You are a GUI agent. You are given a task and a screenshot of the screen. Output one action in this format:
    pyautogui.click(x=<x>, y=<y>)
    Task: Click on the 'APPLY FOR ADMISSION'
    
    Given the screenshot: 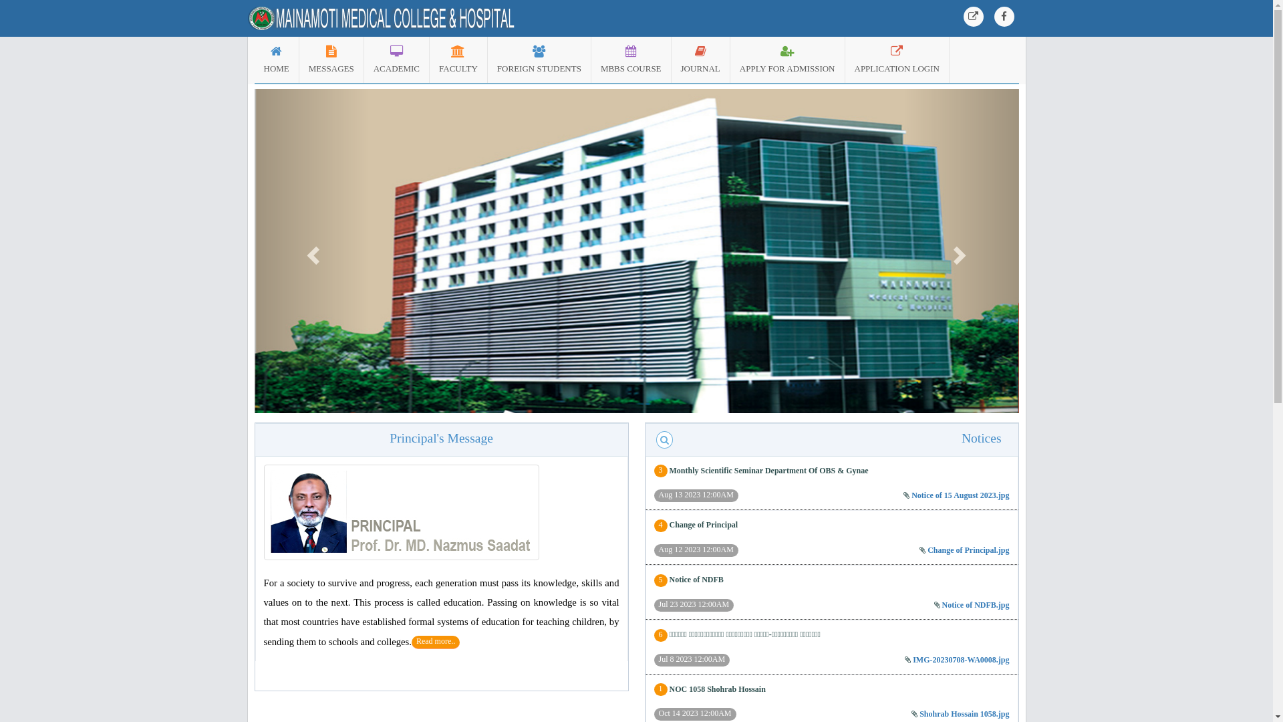 What is the action you would take?
    pyautogui.click(x=787, y=59)
    